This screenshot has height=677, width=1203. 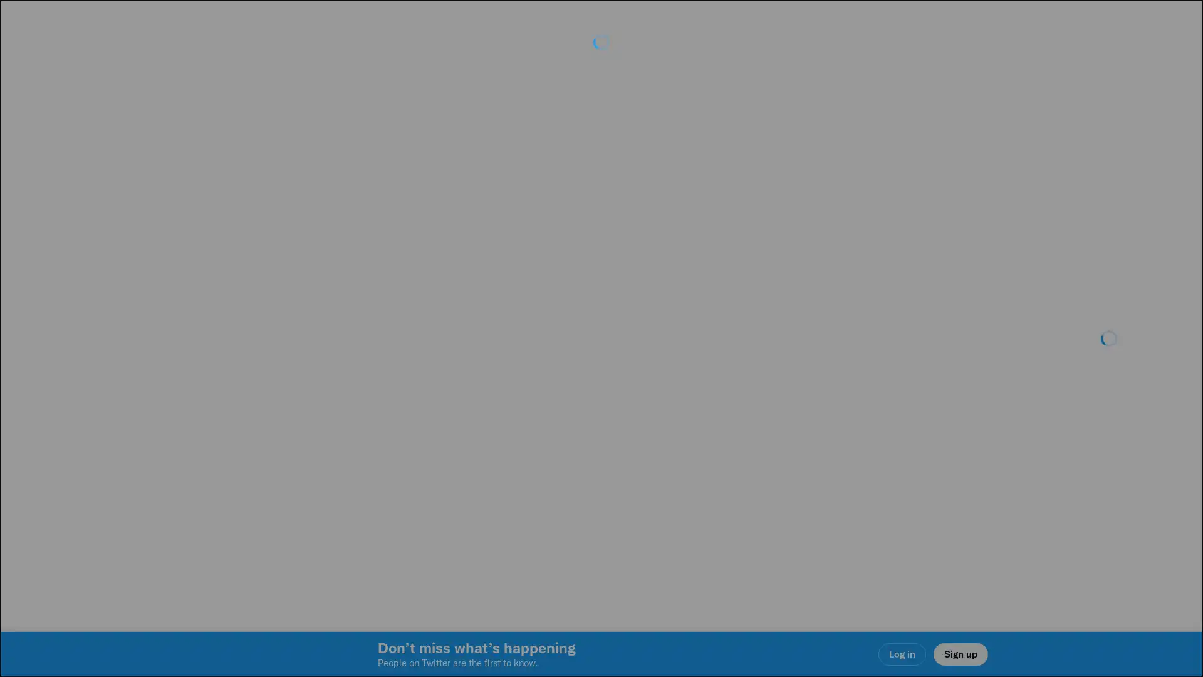 What do you see at coordinates (752, 427) in the screenshot?
I see `Log in` at bounding box center [752, 427].